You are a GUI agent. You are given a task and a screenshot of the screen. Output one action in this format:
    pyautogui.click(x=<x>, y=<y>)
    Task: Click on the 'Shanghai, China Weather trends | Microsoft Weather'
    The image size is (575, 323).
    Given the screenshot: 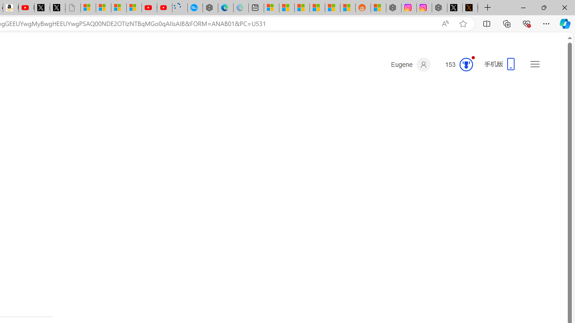 What is the action you would take?
    pyautogui.click(x=347, y=8)
    